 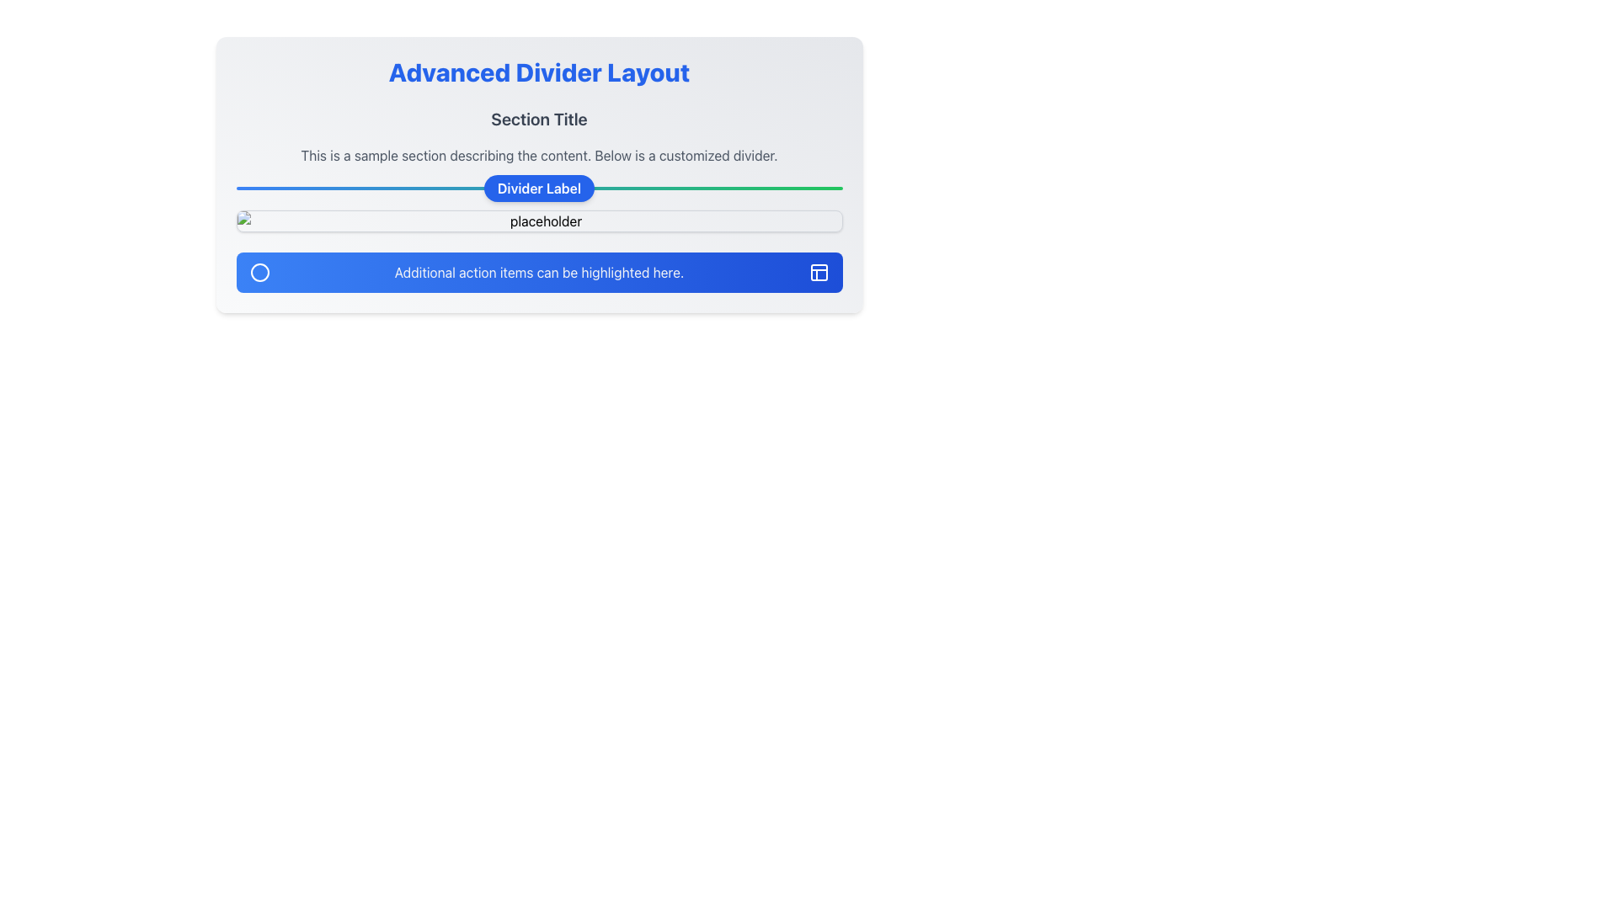 I want to click on the 'Section Title' text heading element, which is displayed in a bold font, larger size, and gray color, located at the top of a group of related elements, so click(x=539, y=119).